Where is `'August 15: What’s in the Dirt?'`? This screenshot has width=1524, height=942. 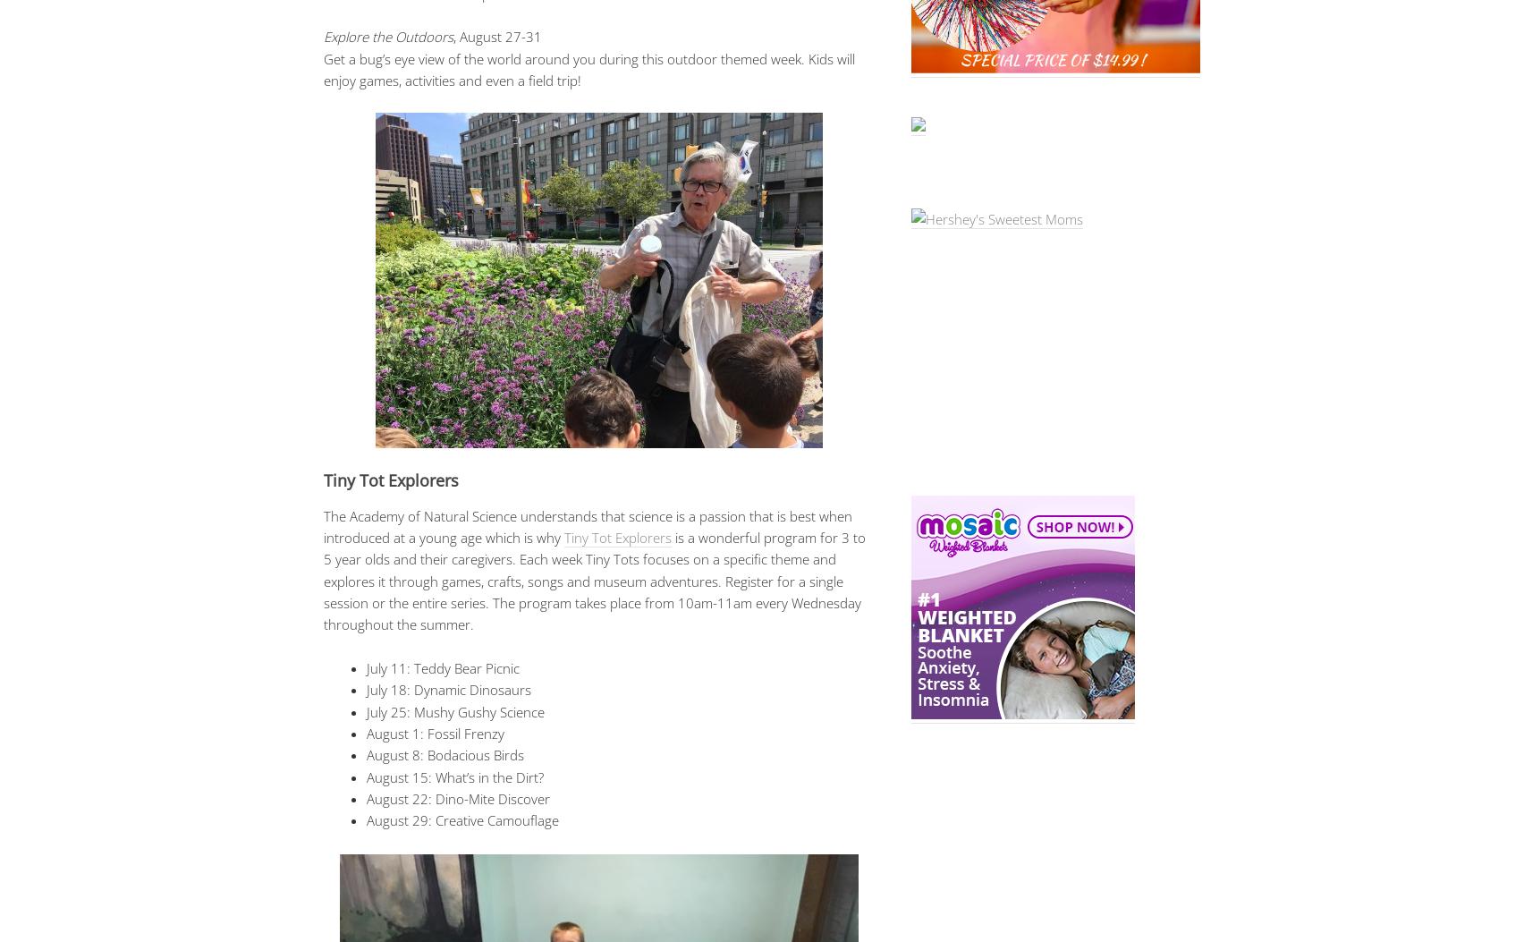
'August 15: What’s in the Dirt?' is located at coordinates (454, 776).